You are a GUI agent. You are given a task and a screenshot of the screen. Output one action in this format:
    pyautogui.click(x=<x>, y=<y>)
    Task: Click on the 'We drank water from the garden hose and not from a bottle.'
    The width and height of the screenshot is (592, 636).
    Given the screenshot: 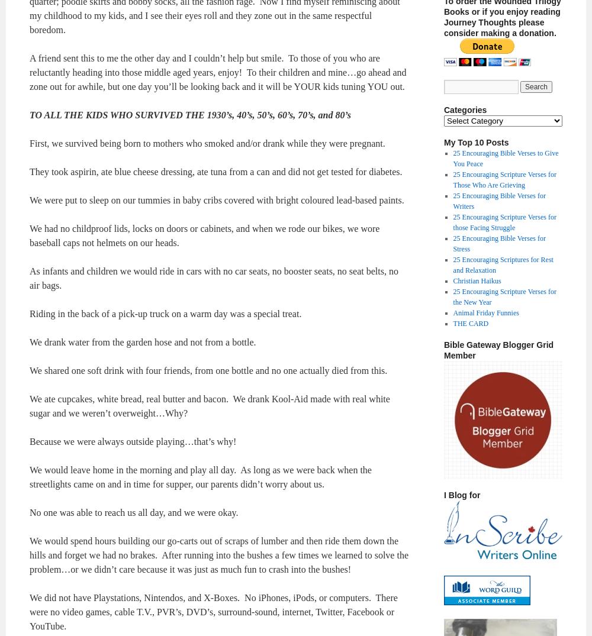 What is the action you would take?
    pyautogui.click(x=142, y=342)
    